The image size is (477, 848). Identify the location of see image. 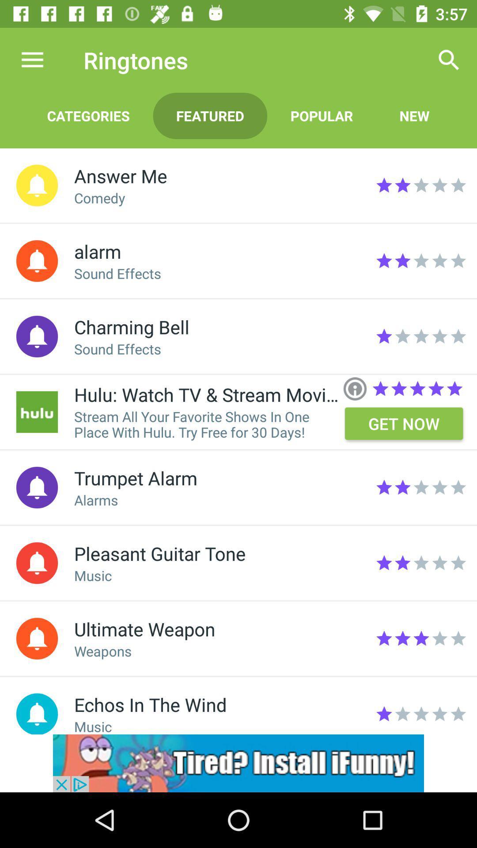
(37, 411).